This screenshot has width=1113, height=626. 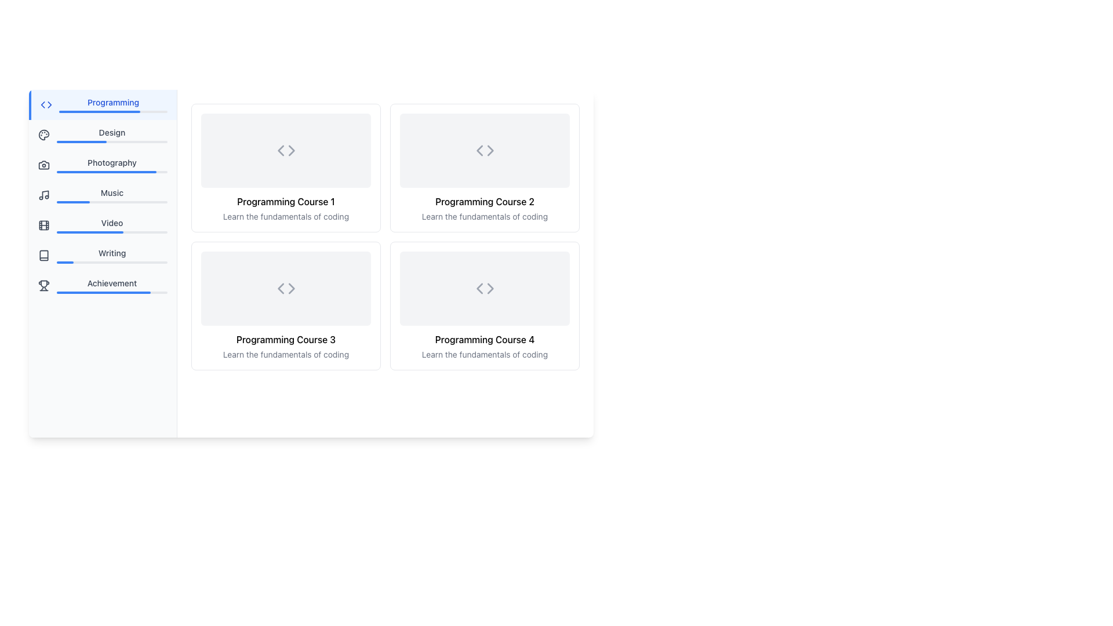 I want to click on the 'Programming' category label in the sidebar, so click(x=113, y=105).